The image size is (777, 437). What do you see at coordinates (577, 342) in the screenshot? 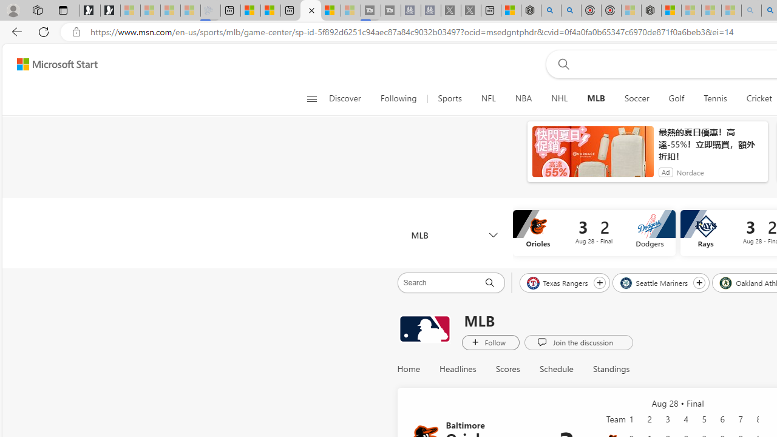
I see `'Join the discussion'` at bounding box center [577, 342].